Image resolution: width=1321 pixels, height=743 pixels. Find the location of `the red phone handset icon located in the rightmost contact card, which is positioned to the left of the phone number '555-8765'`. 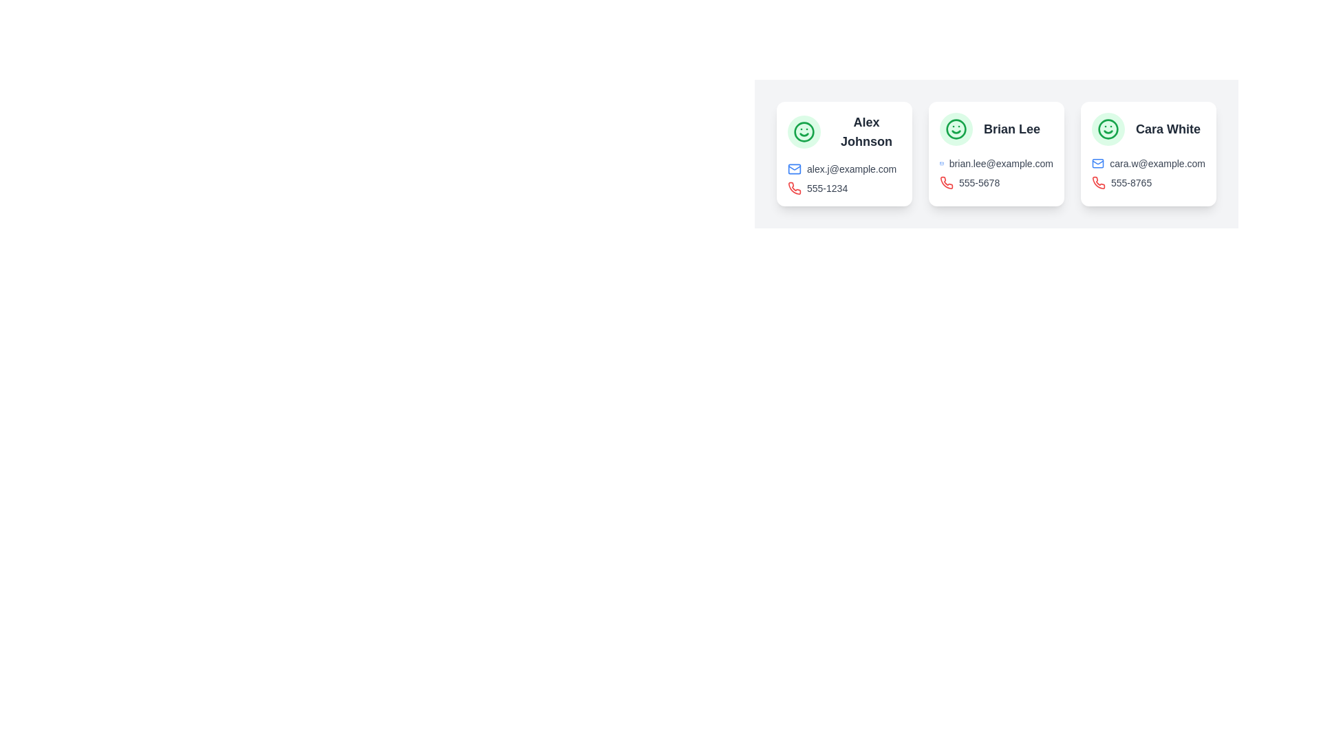

the red phone handset icon located in the rightmost contact card, which is positioned to the left of the phone number '555-8765' is located at coordinates (1098, 182).